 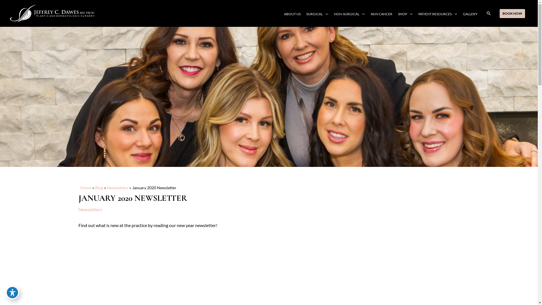 I want to click on 'SURGICAL', so click(x=317, y=14).